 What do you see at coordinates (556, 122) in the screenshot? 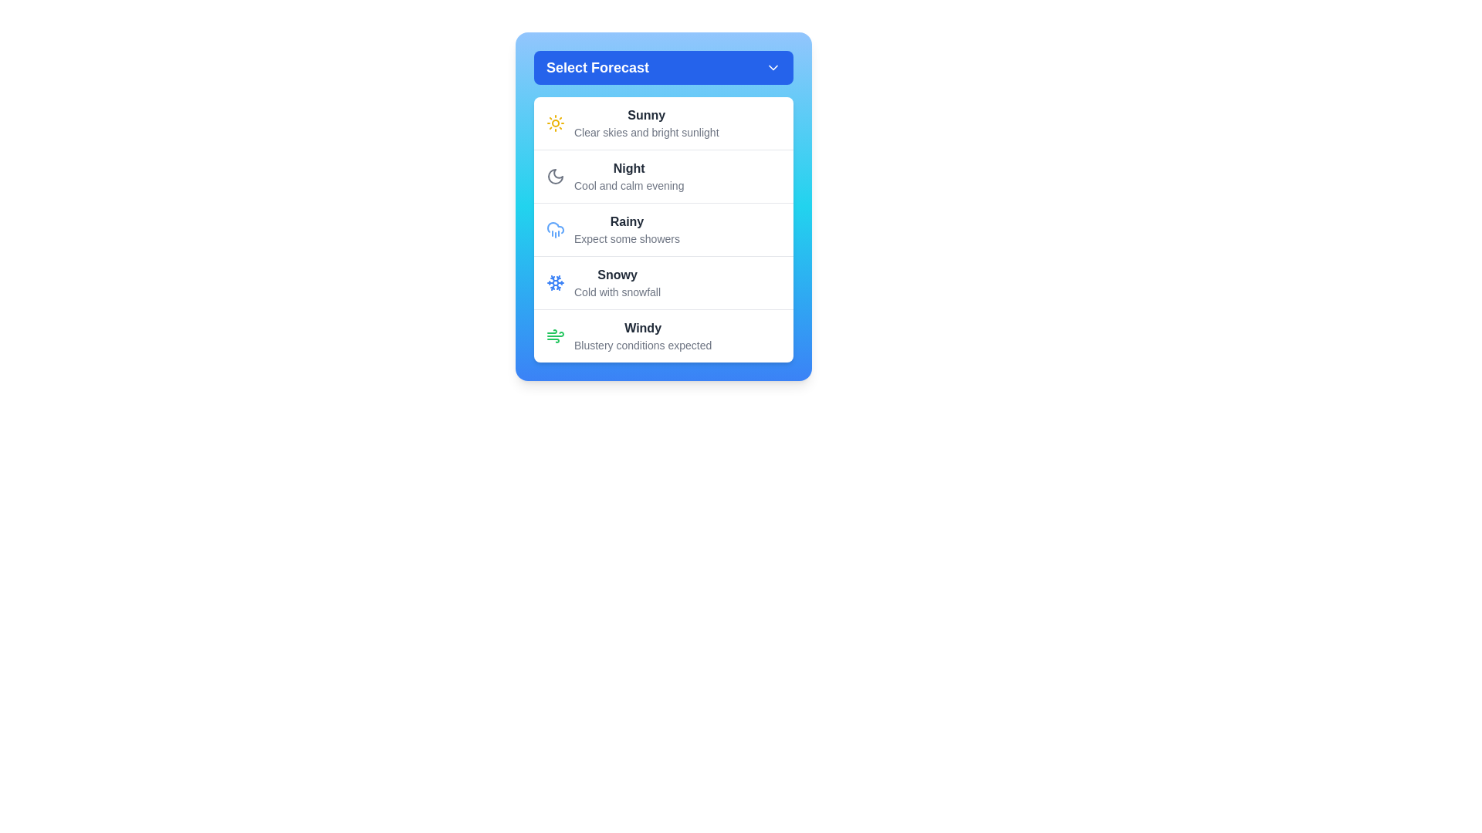
I see `the stylized sun icon located at the top-left of the 'Sunny' forecast item in the blue-themed weather forecast interface` at bounding box center [556, 122].